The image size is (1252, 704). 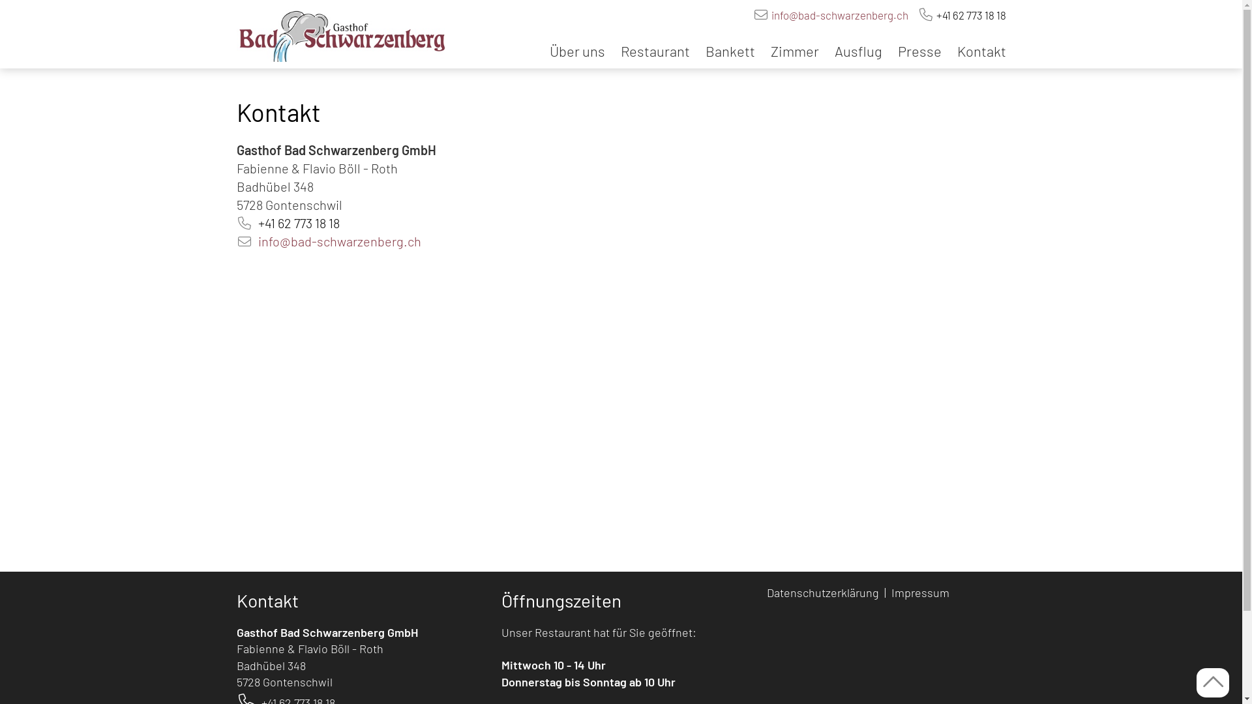 What do you see at coordinates (858, 50) in the screenshot?
I see `'Ausflug'` at bounding box center [858, 50].